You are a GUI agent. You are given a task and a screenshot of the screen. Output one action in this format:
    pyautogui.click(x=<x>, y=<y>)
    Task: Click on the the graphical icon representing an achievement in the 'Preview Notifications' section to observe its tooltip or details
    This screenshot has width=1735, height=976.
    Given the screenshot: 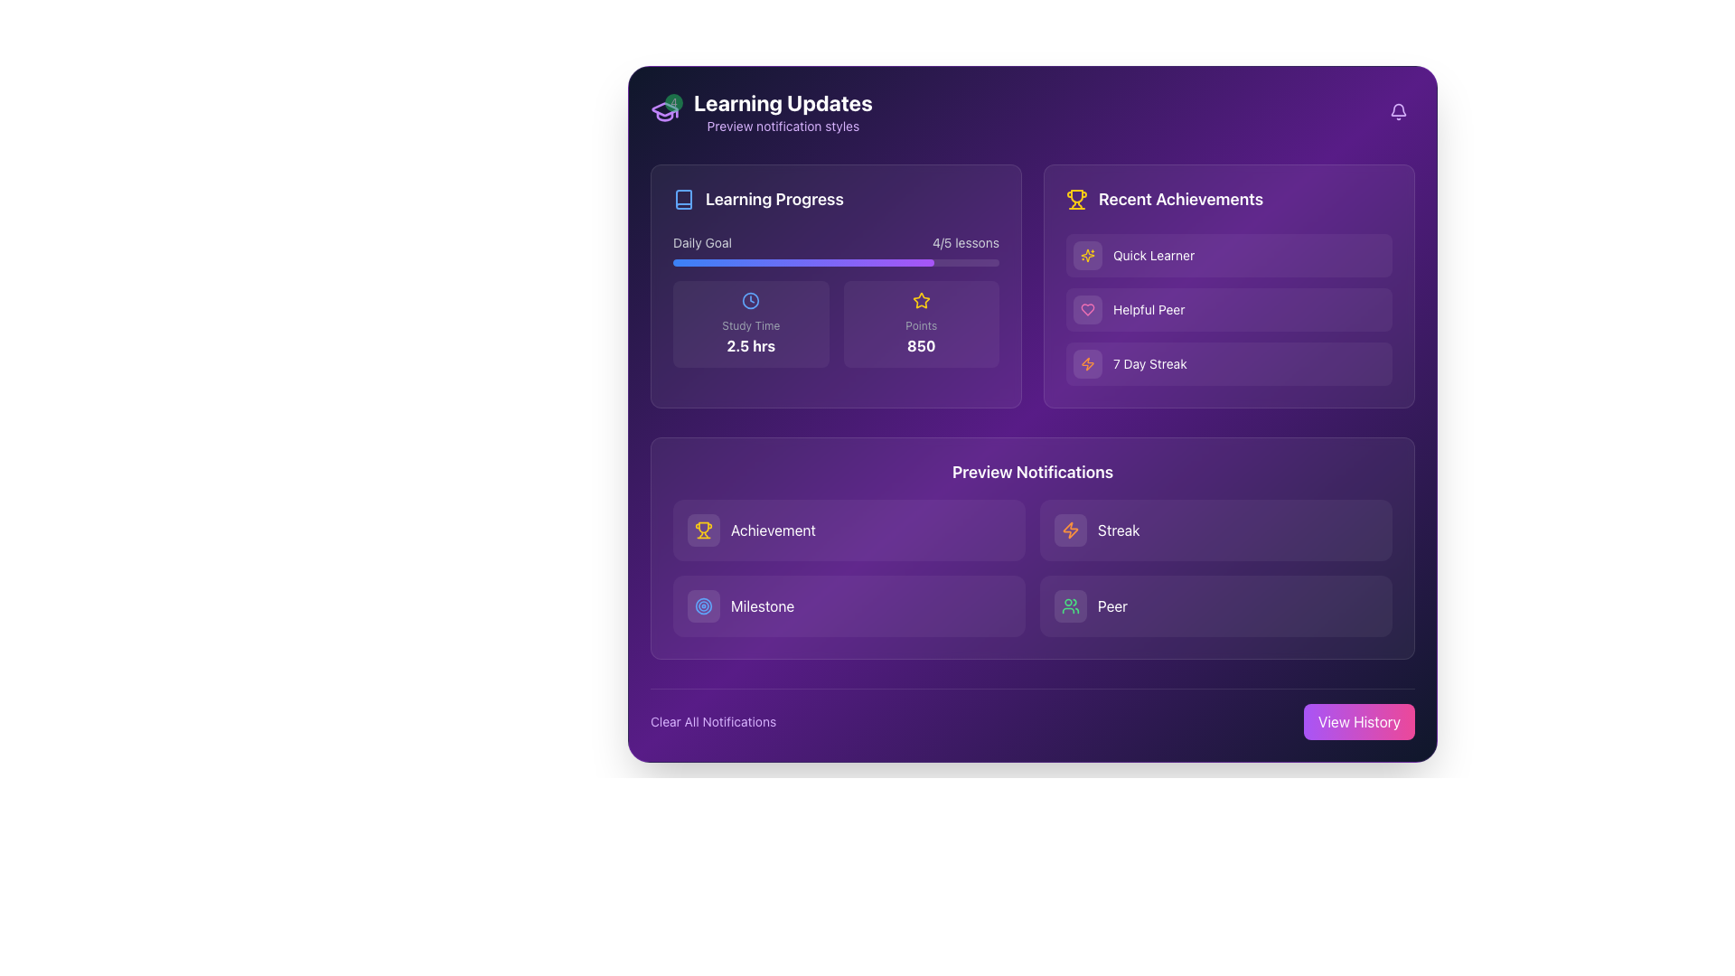 What is the action you would take?
    pyautogui.click(x=702, y=529)
    